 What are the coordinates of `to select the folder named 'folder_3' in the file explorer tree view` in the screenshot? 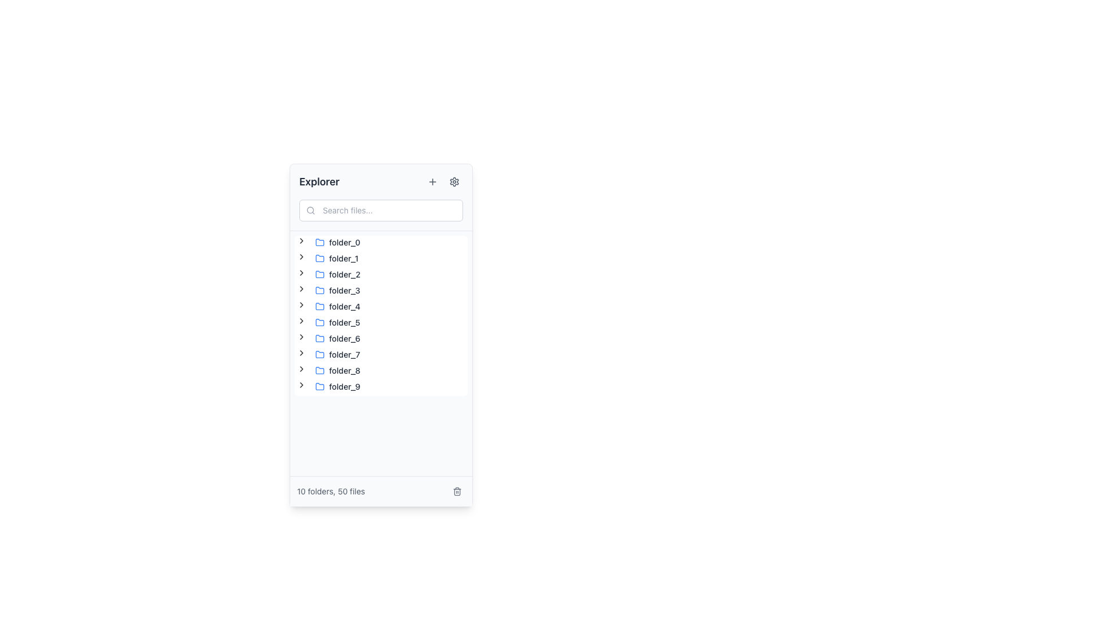 It's located at (337, 290).